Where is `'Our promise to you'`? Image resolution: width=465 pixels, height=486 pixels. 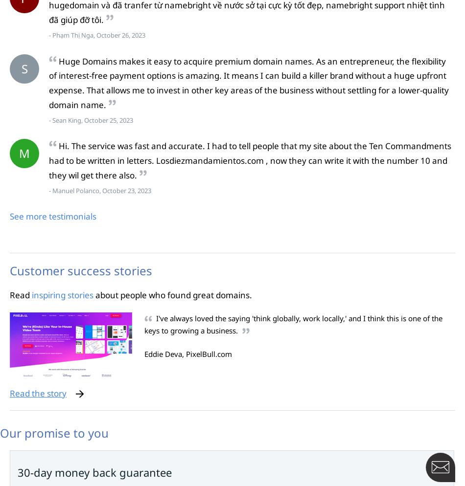 'Our promise to you' is located at coordinates (54, 433).